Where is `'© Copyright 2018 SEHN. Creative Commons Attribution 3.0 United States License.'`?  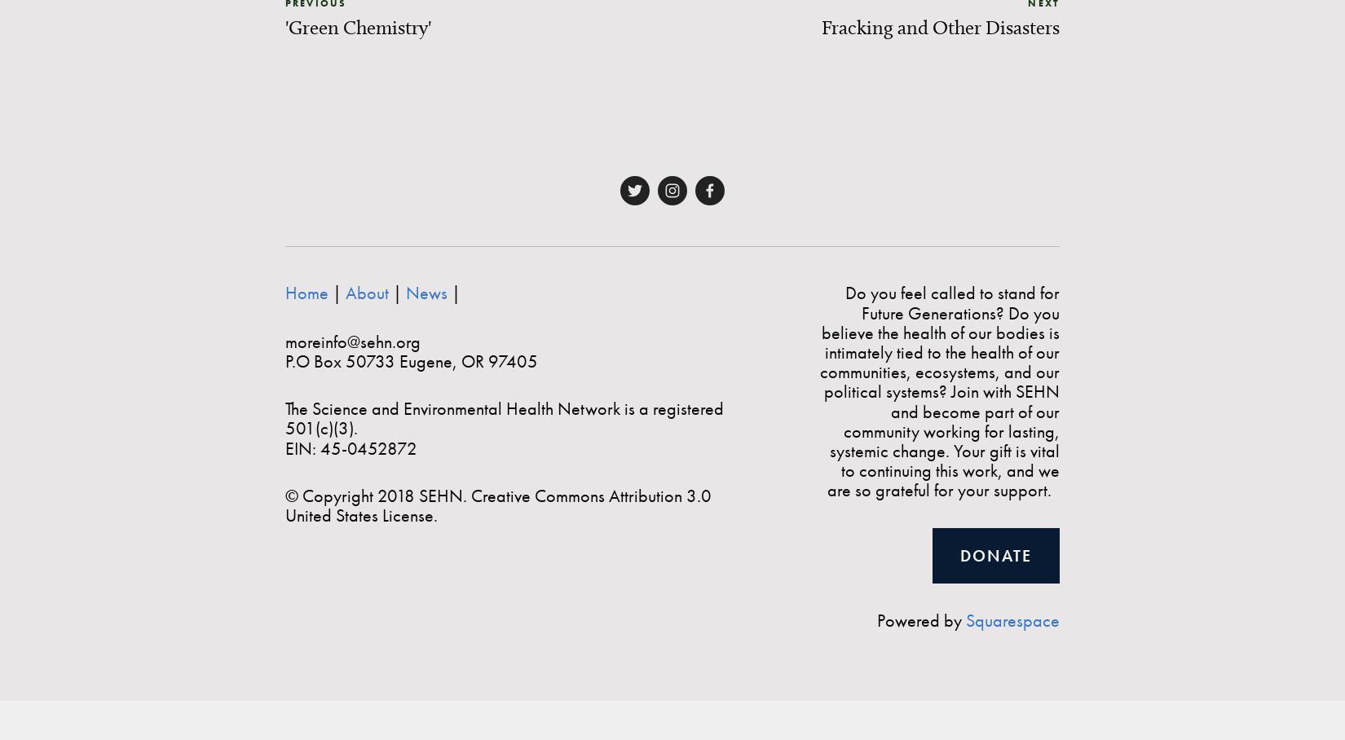
'© Copyright 2018 SEHN. Creative Commons Attribution 3.0 United States License.' is located at coordinates (499, 504).